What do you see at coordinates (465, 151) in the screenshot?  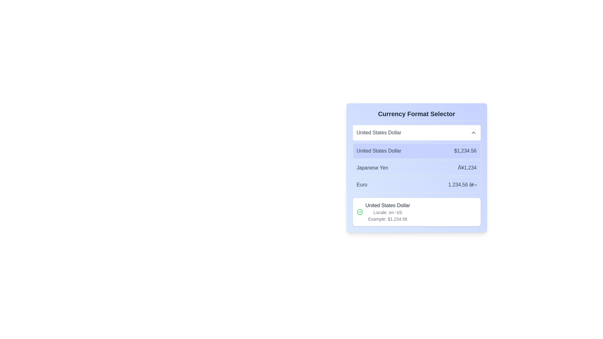 I see `the monetary value displayed as '$1,234.56' within the light indigo rounded rectangular button, which is adjacent to the 'United States Dollar' text` at bounding box center [465, 151].